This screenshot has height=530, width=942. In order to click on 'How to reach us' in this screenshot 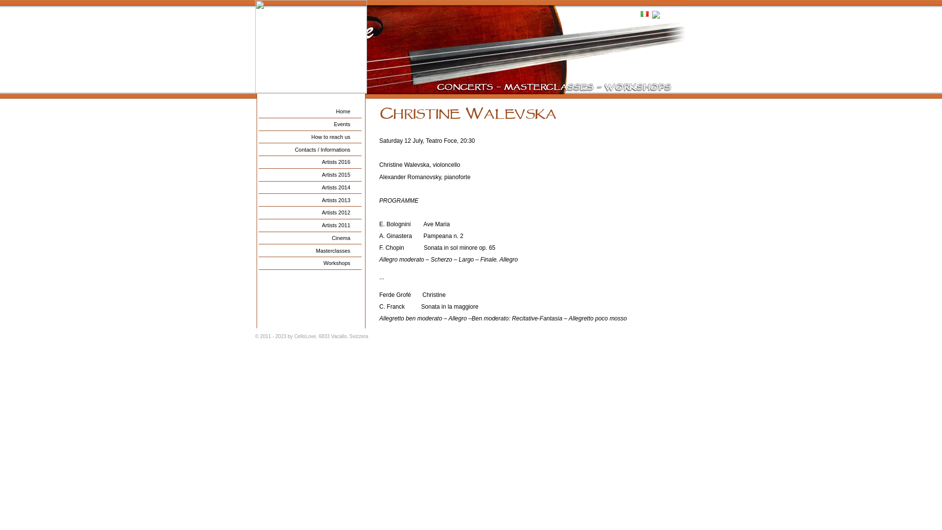, I will do `click(310, 136)`.